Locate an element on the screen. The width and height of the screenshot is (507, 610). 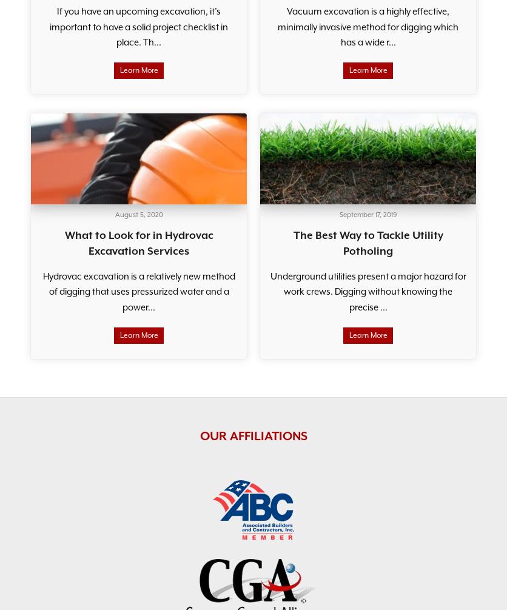
'If you have an upcoming excavation, it’s important to have a solid project checklist in place. Th...' is located at coordinates (138, 26).